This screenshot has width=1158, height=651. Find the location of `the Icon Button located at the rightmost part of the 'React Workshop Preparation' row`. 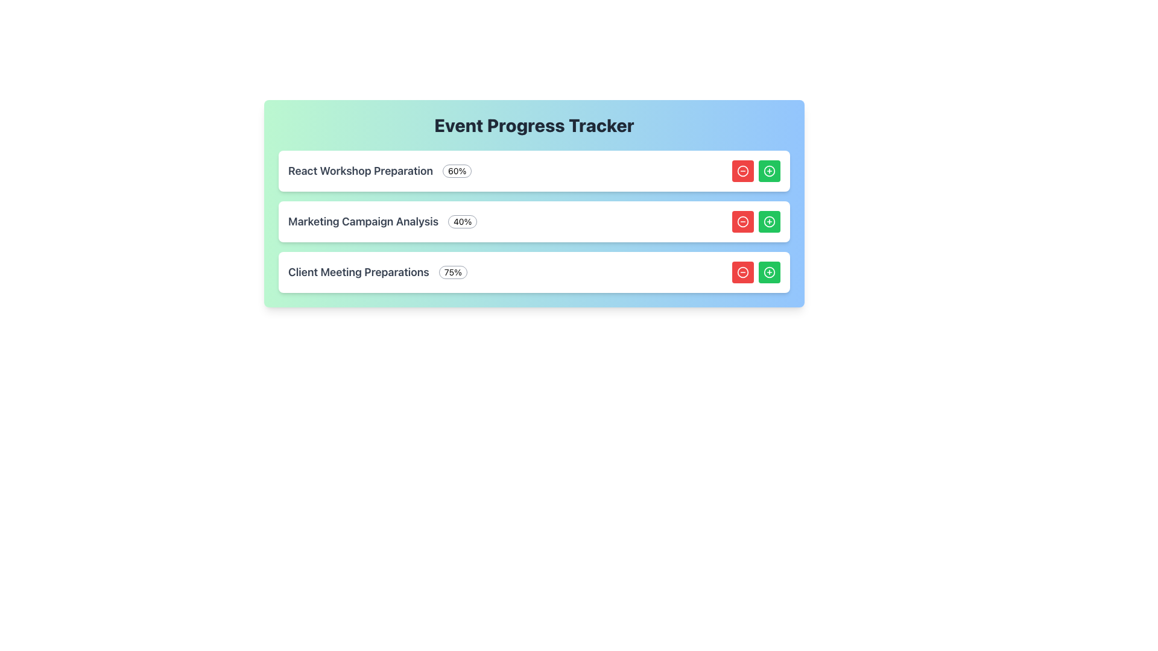

the Icon Button located at the rightmost part of the 'React Workshop Preparation' row is located at coordinates (769, 171).